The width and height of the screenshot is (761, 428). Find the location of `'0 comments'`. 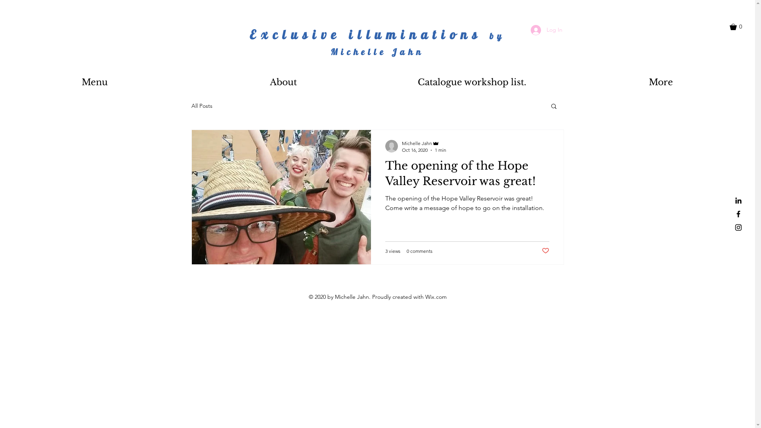

'0 comments' is located at coordinates (419, 251).